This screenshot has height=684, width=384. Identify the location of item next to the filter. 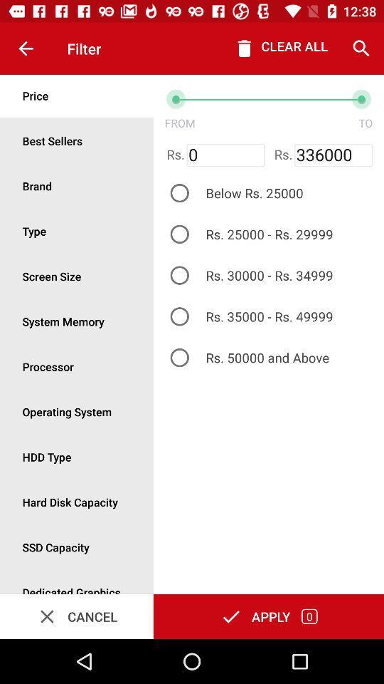
(26, 48).